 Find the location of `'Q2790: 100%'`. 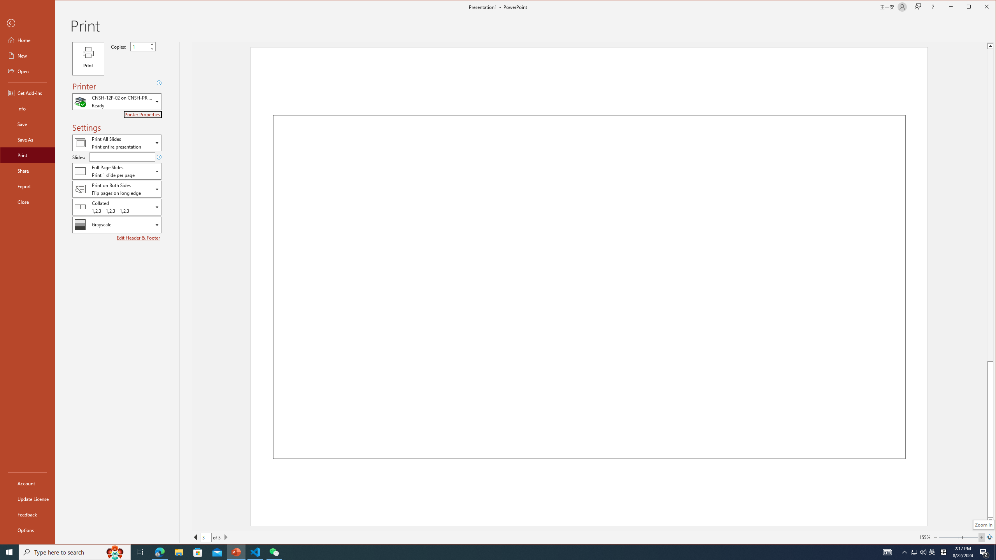

'Q2790: 100%' is located at coordinates (923, 551).